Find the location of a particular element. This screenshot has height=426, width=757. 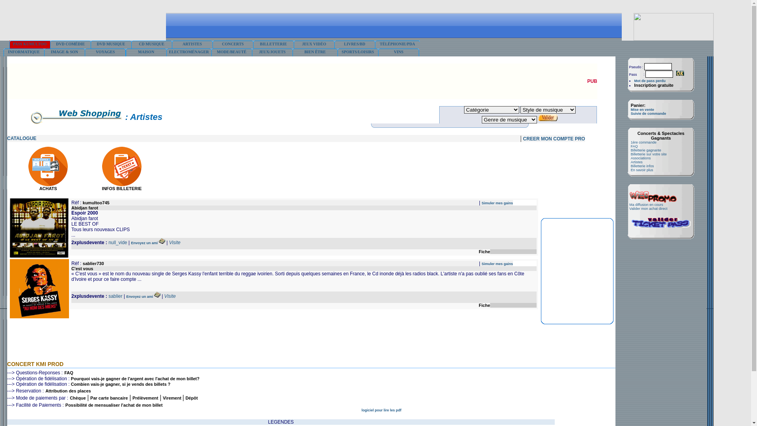

'Mot de pass perdu' is located at coordinates (634, 80).